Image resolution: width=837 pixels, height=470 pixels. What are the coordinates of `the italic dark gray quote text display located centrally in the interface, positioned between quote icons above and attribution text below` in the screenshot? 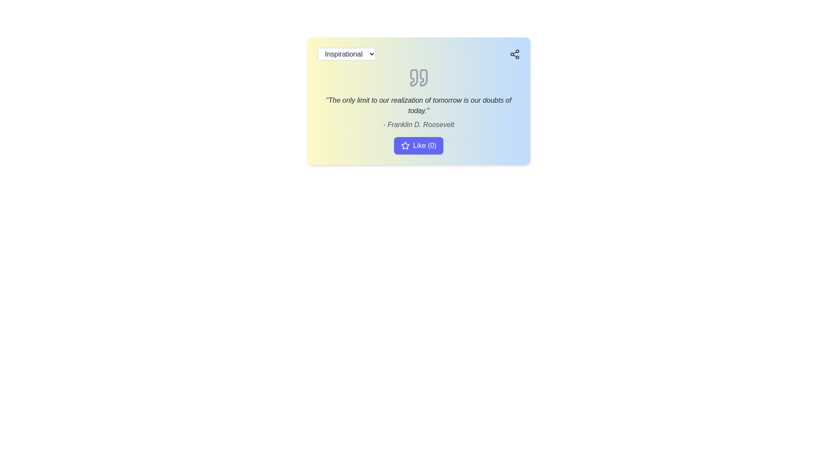 It's located at (418, 105).